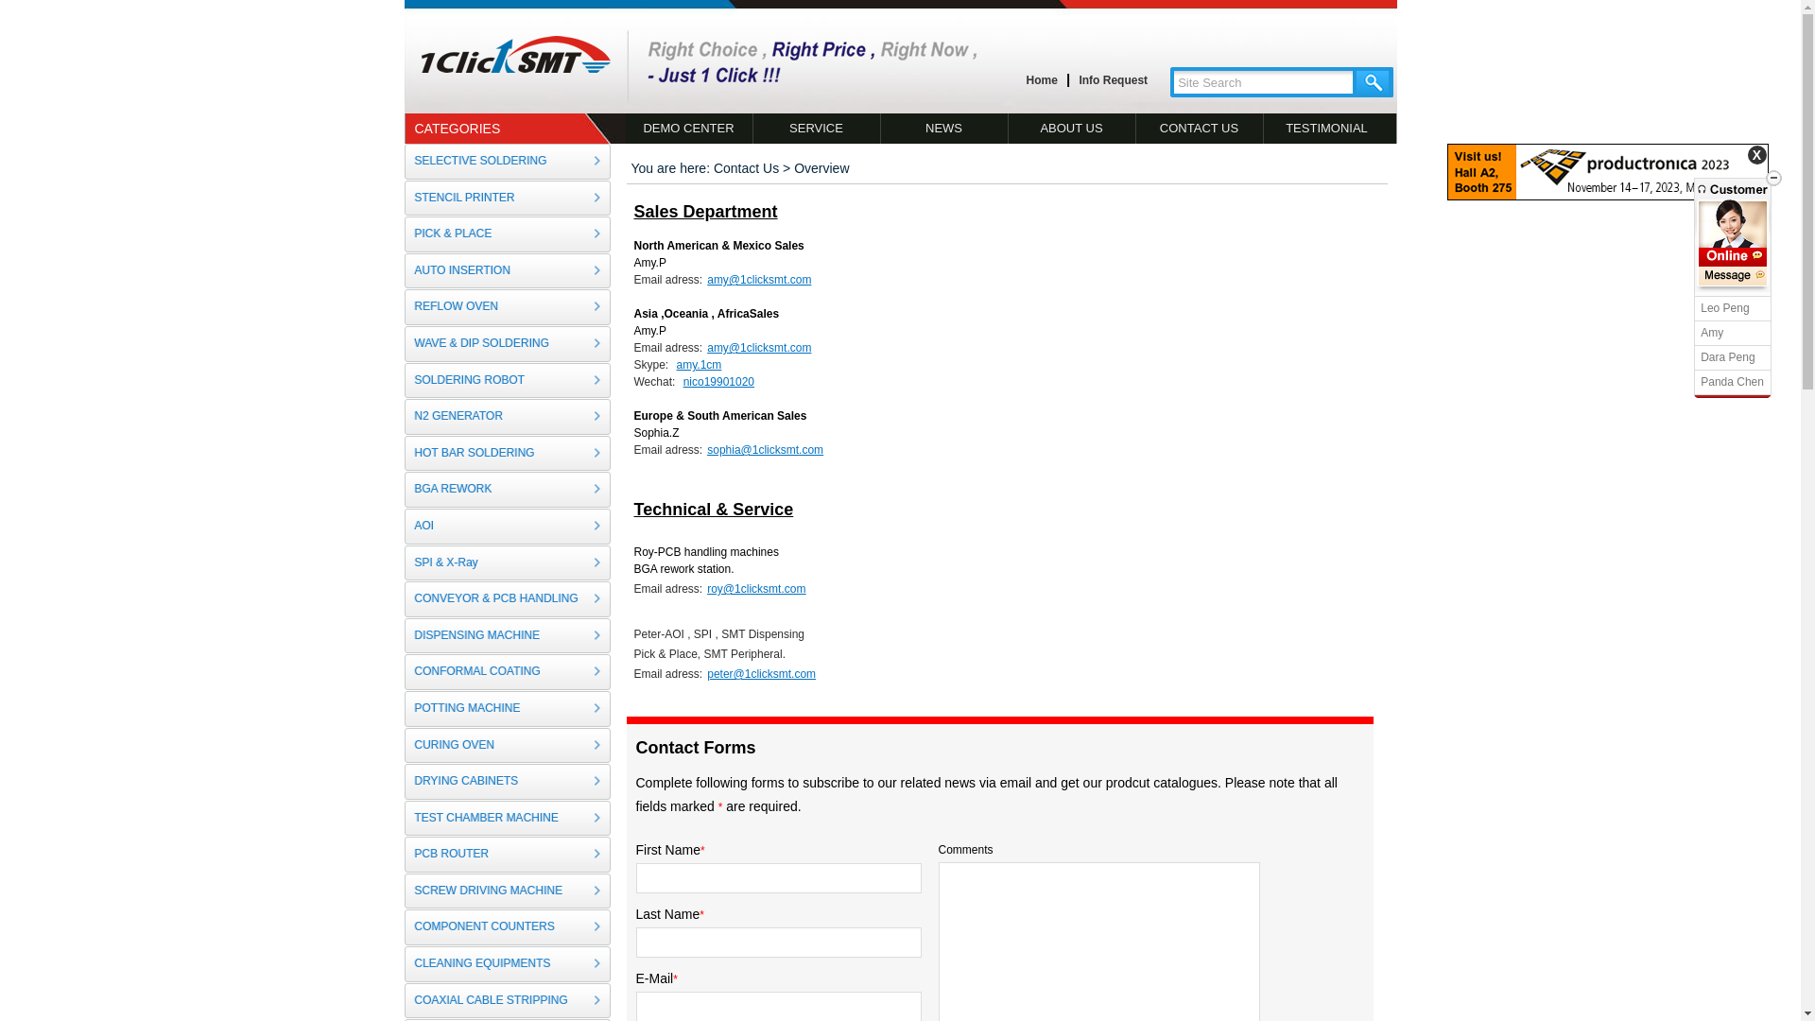  Describe the element at coordinates (1733, 276) in the screenshot. I see `'customer service'` at that location.